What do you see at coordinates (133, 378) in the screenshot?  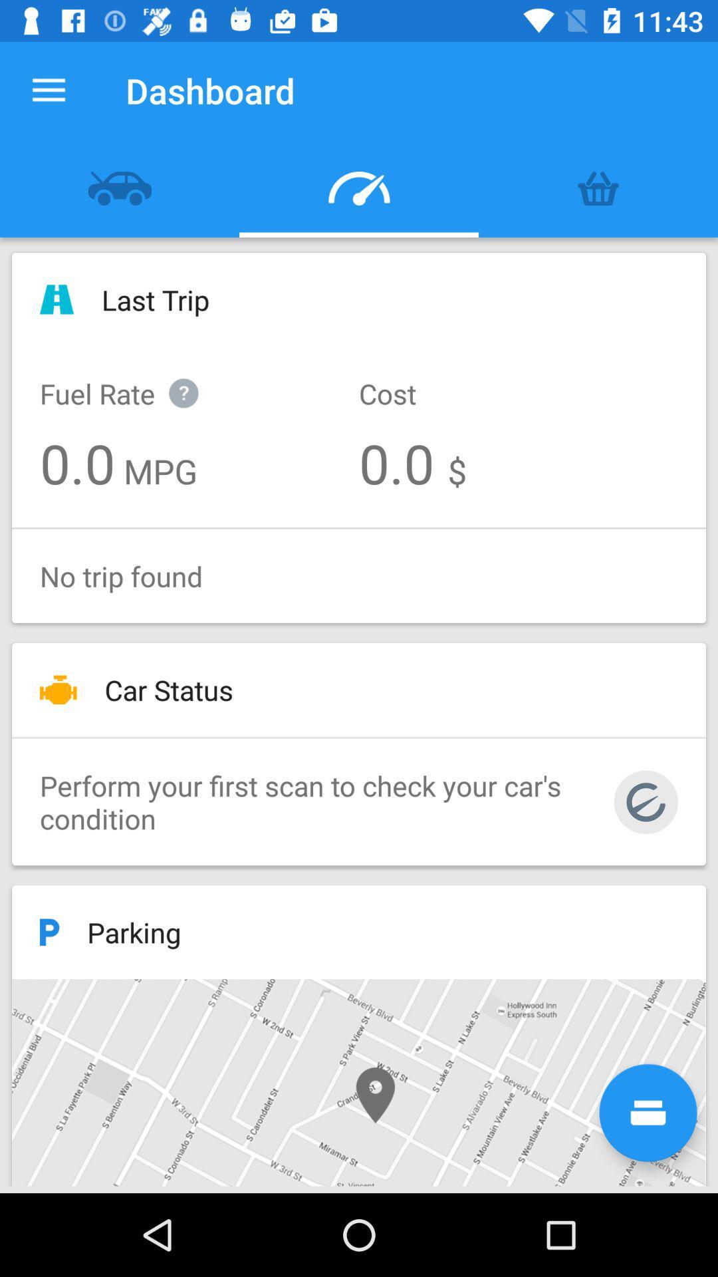 I see `the fuel rate icon` at bounding box center [133, 378].